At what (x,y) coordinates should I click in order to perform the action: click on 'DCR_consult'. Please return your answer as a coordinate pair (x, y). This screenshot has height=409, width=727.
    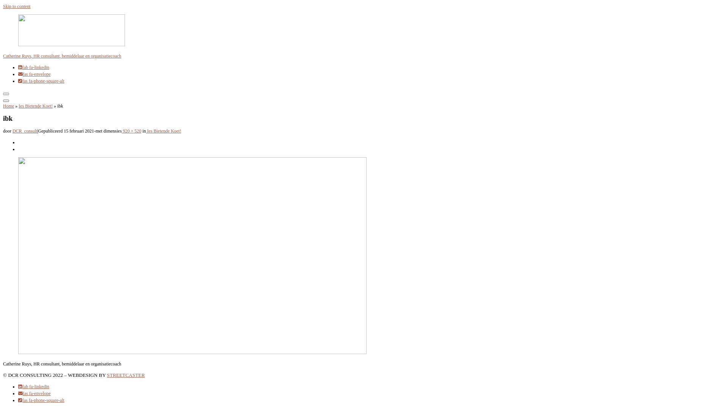
    Looking at the image, I should click on (25, 131).